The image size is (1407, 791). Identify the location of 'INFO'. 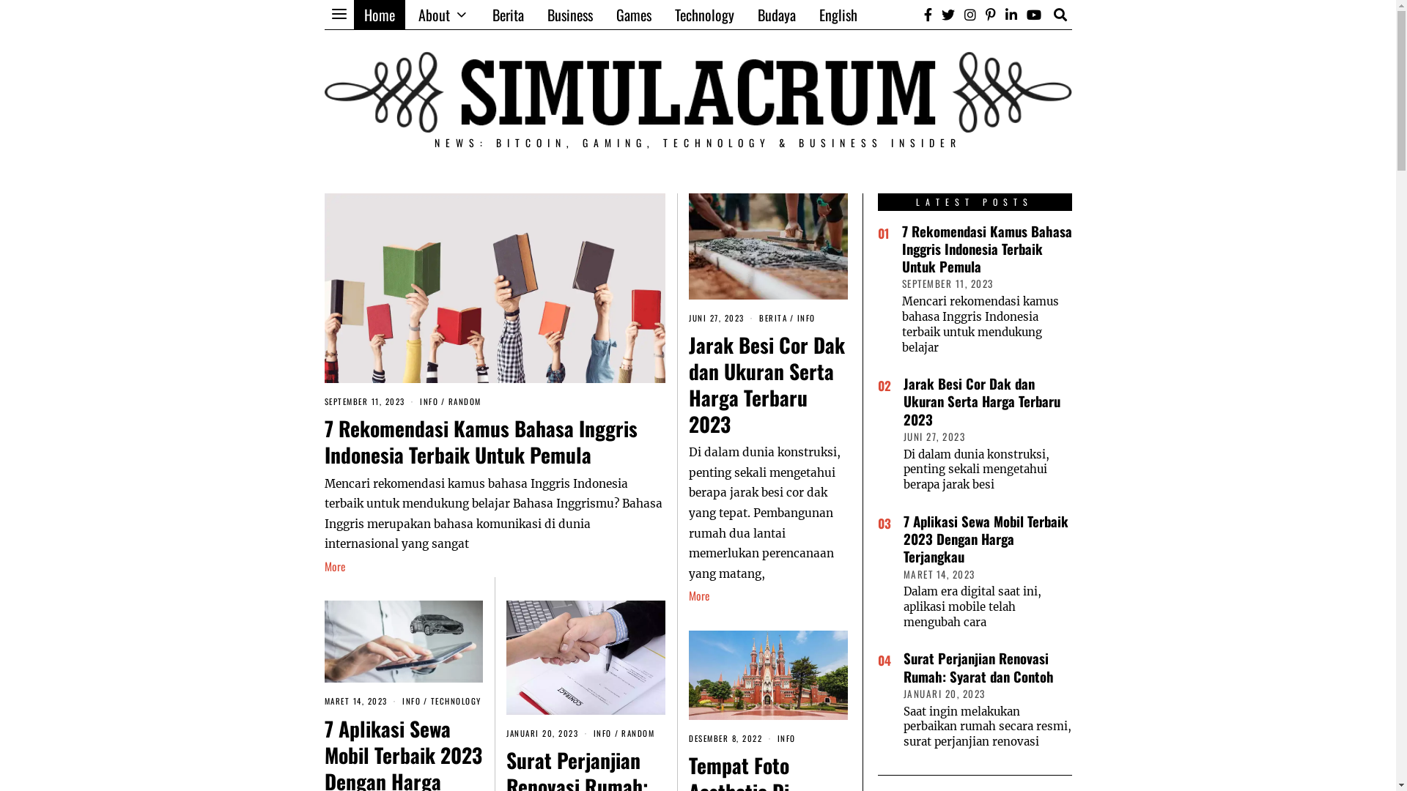
(786, 738).